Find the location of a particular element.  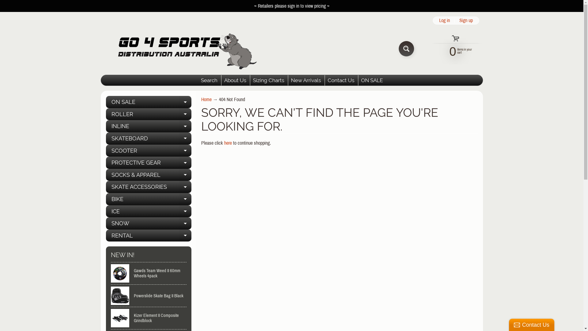

'EXPAND CHILD MENU' is located at coordinates (179, 175).